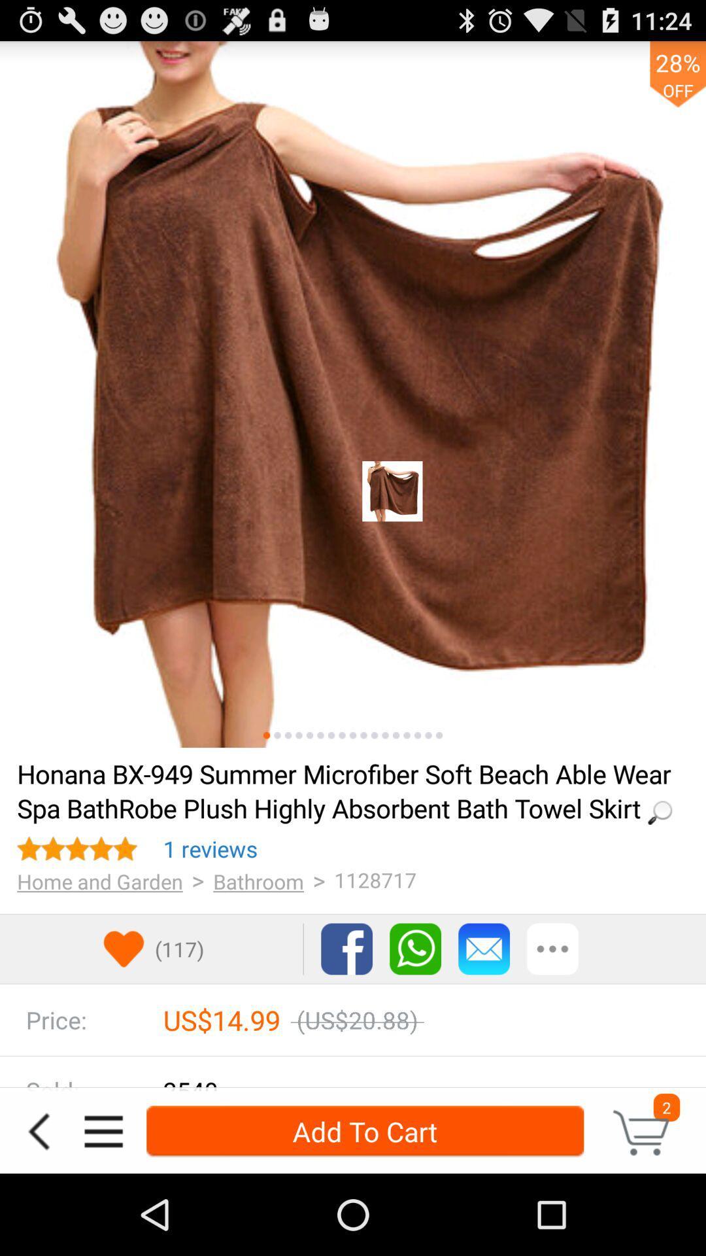  Describe the element at coordinates (103, 1130) in the screenshot. I see `open navigation menu` at that location.